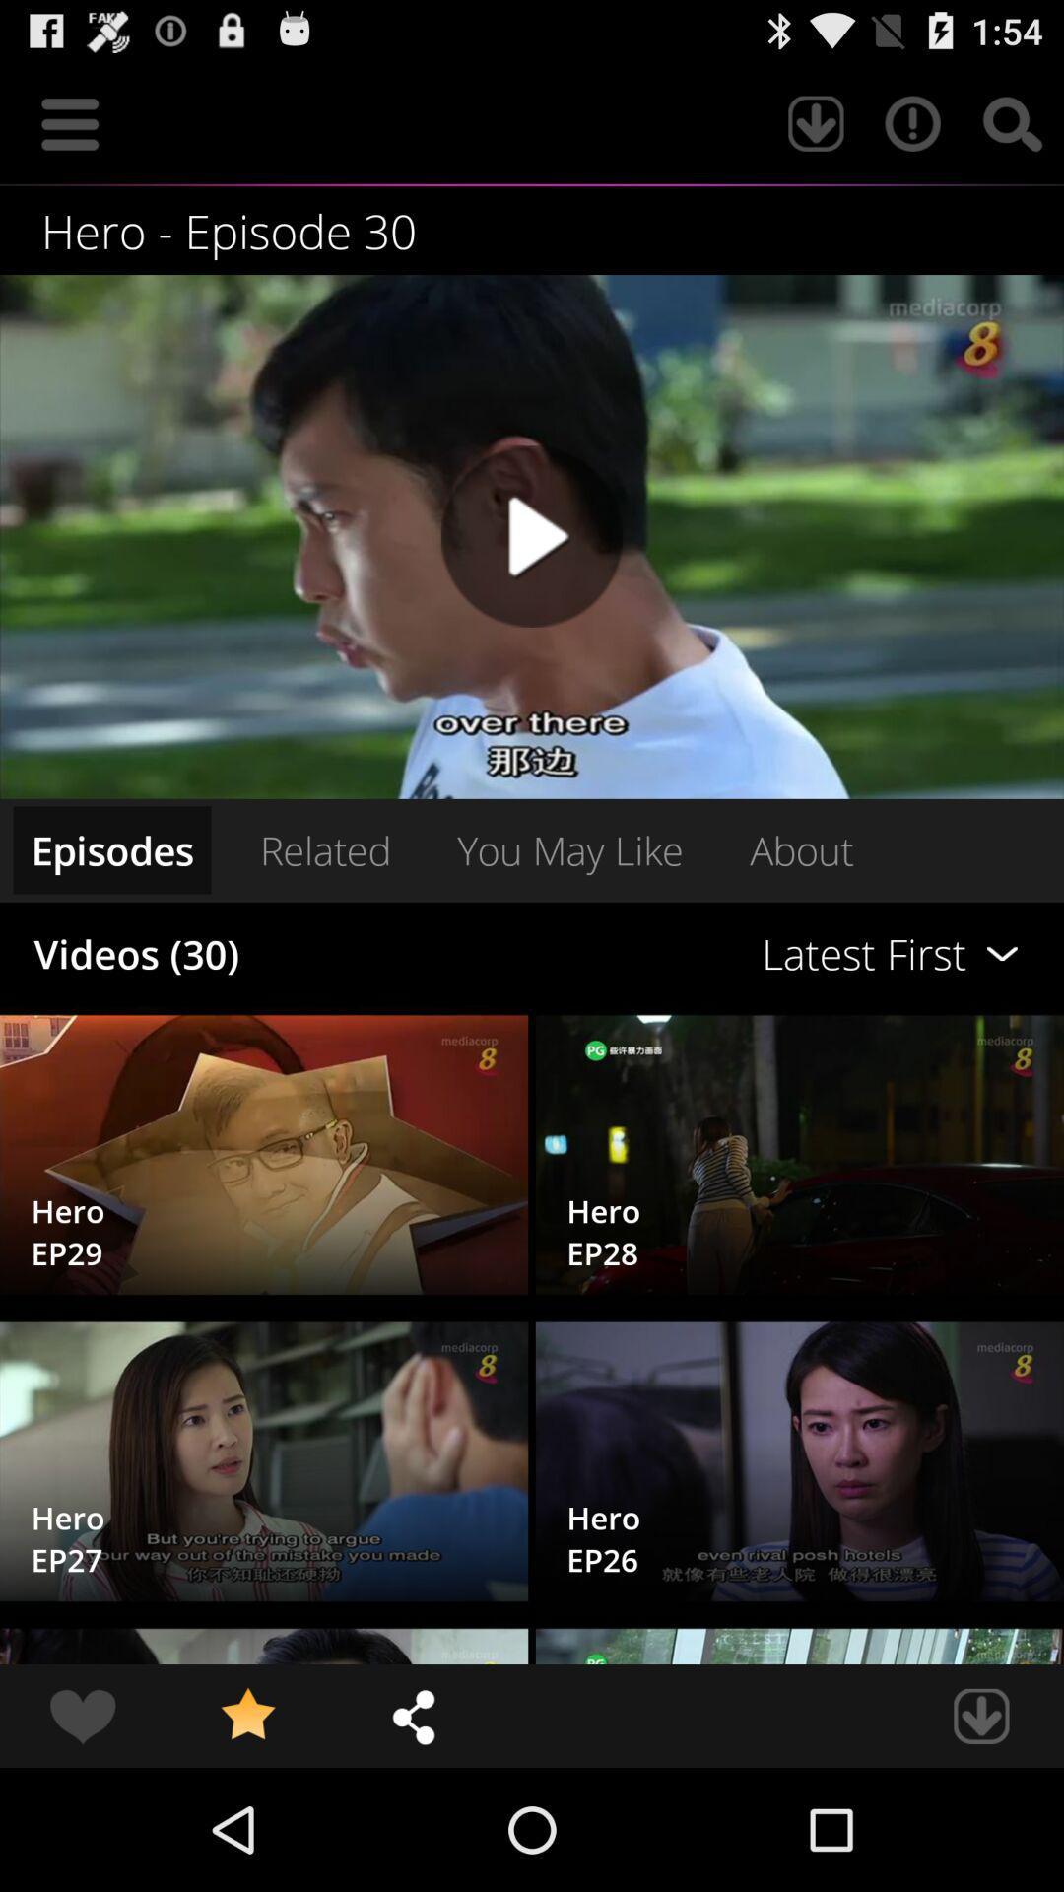 This screenshot has height=1892, width=1064. Describe the element at coordinates (727, 954) in the screenshot. I see `icon next to the related item` at that location.